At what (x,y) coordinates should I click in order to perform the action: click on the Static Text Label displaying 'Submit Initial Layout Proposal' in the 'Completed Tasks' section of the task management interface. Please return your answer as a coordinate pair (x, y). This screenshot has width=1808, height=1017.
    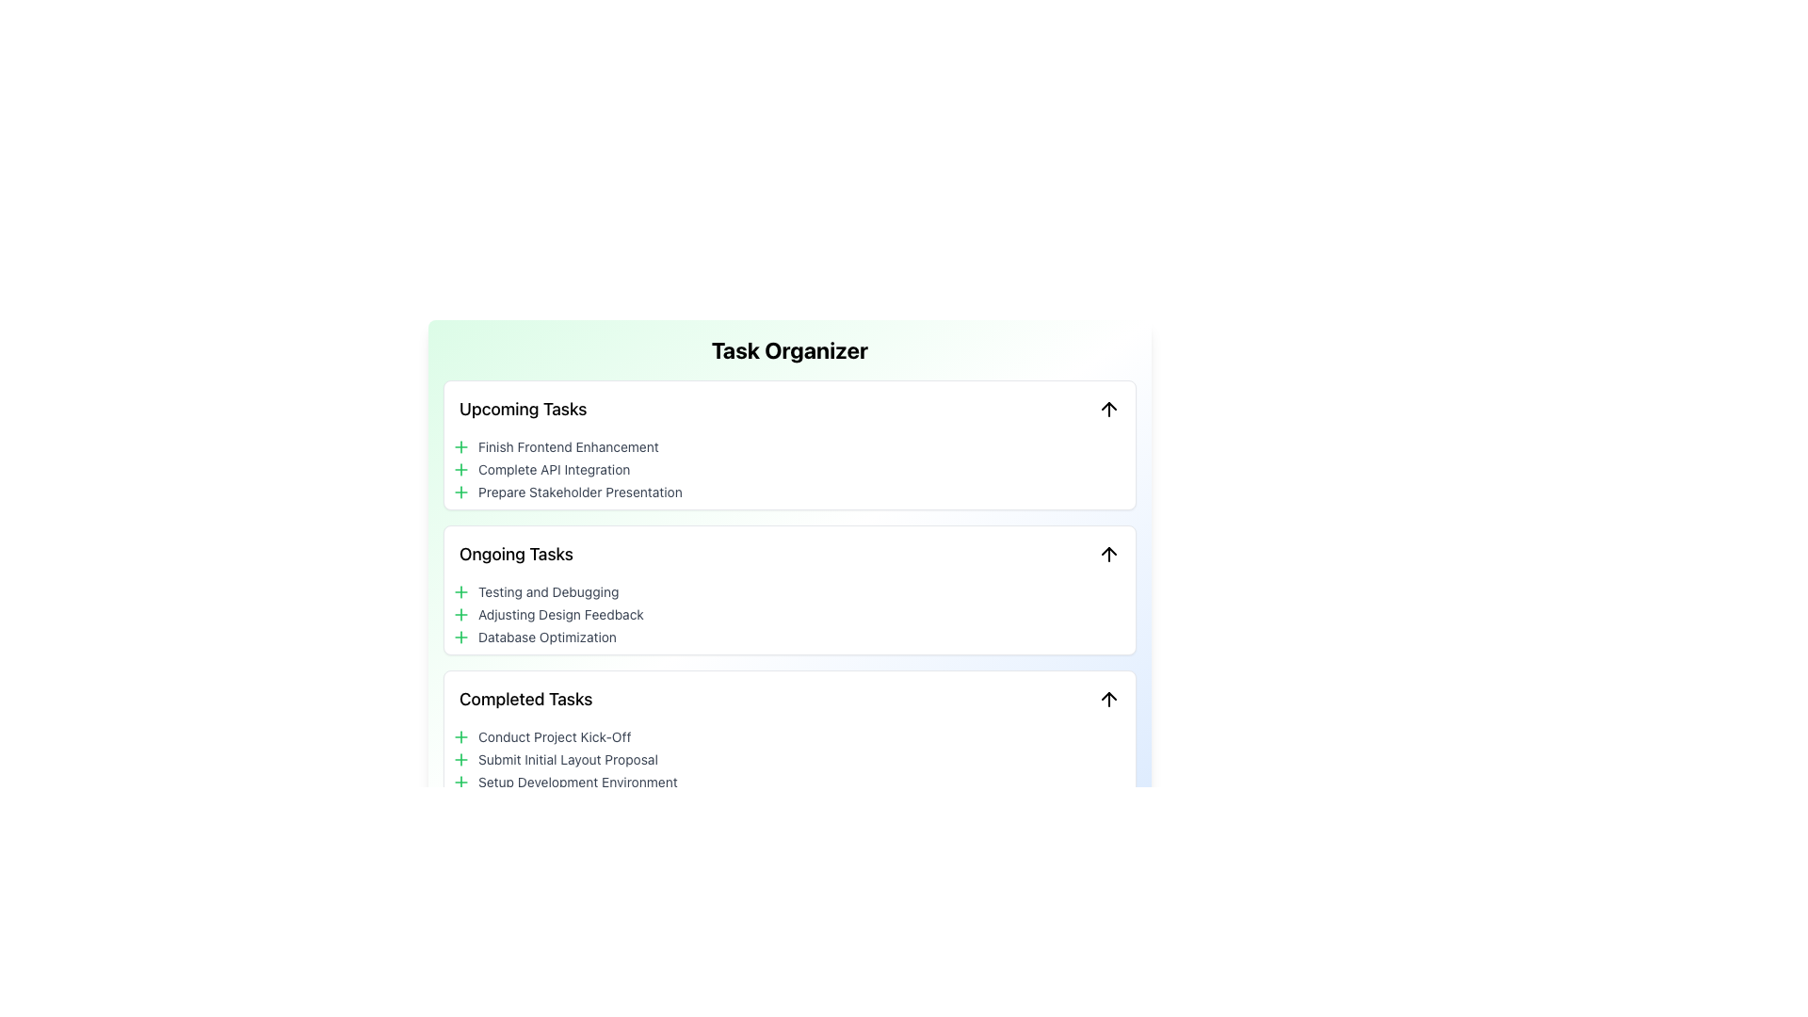
    Looking at the image, I should click on (567, 758).